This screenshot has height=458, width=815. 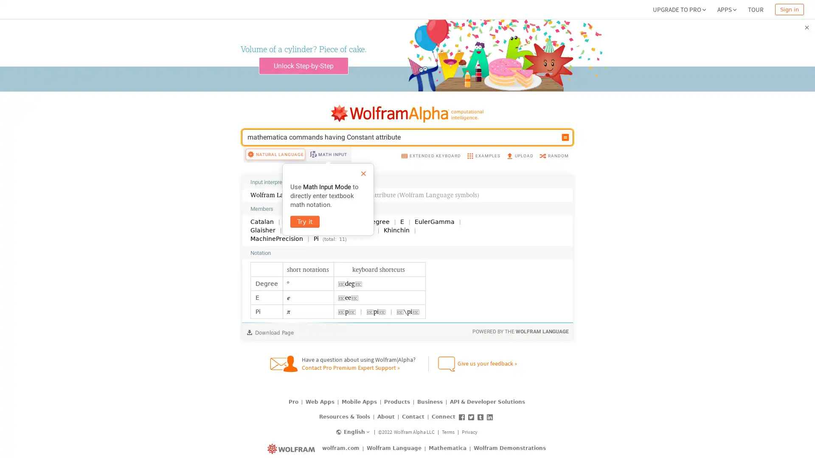 What do you see at coordinates (305, 238) in the screenshot?
I see `Try it` at bounding box center [305, 238].